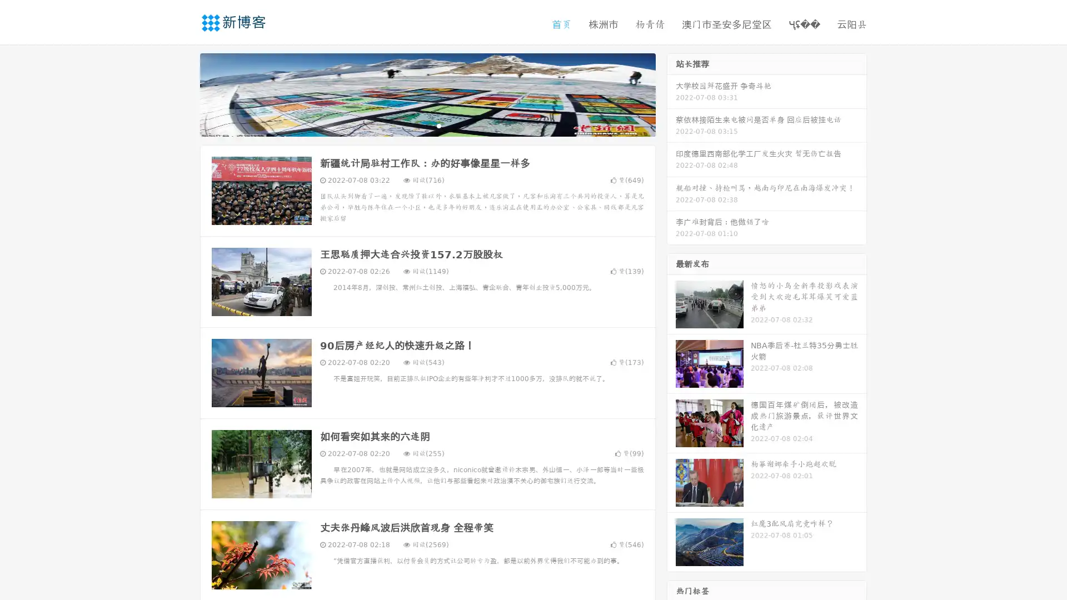 This screenshot has height=600, width=1067. What do you see at coordinates (438, 125) in the screenshot?
I see `Go to slide 3` at bounding box center [438, 125].